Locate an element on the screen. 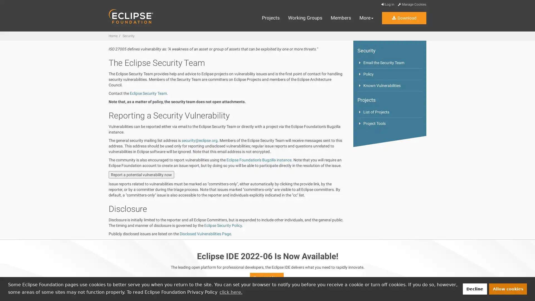  More is located at coordinates (366, 18).